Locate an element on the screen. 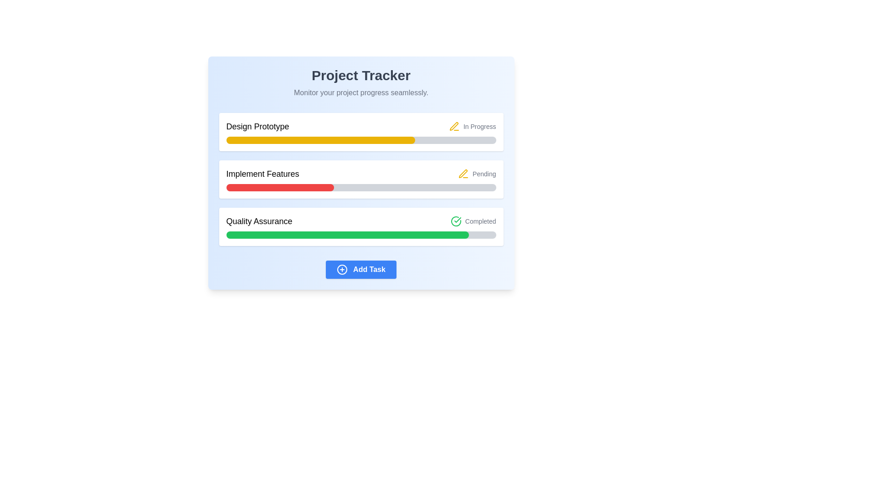  the icon representing the completion of the 'Quality Assurance' task, located adjacent to the text labeled 'Completed' in the 'Quality Assurance' section is located at coordinates (458, 220).